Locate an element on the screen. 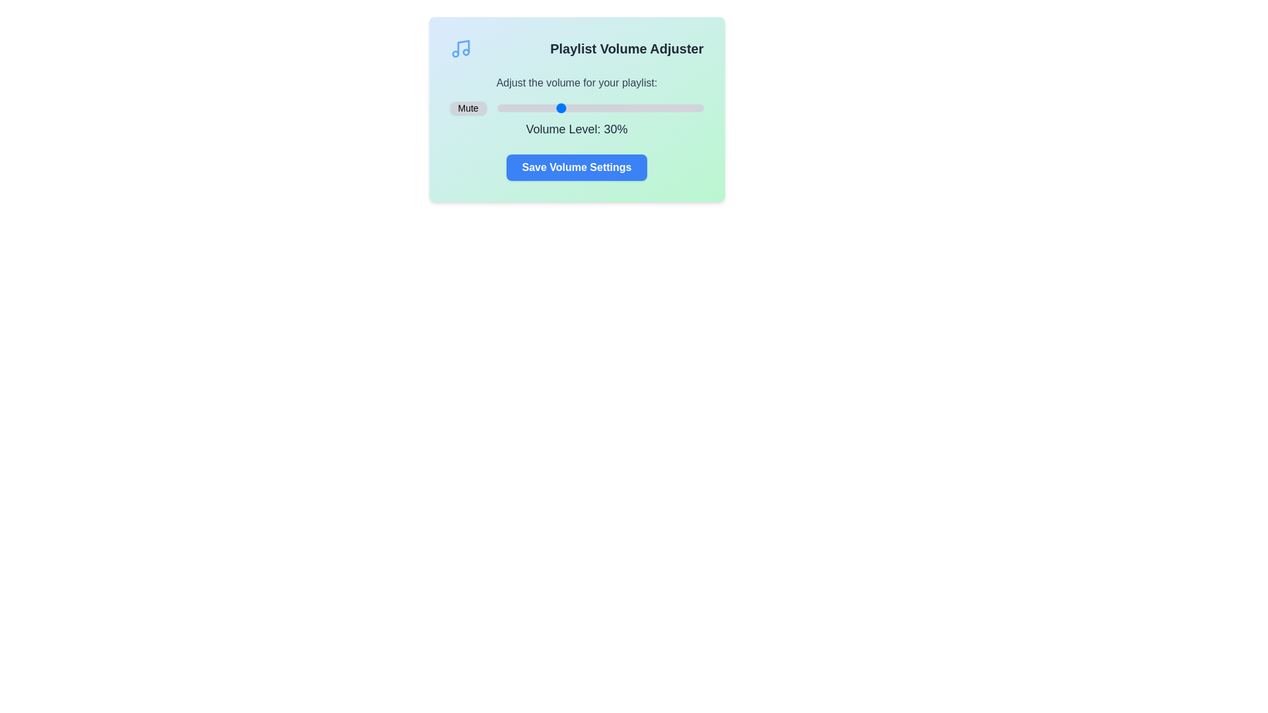  the volume level text for copying is located at coordinates (577, 129).